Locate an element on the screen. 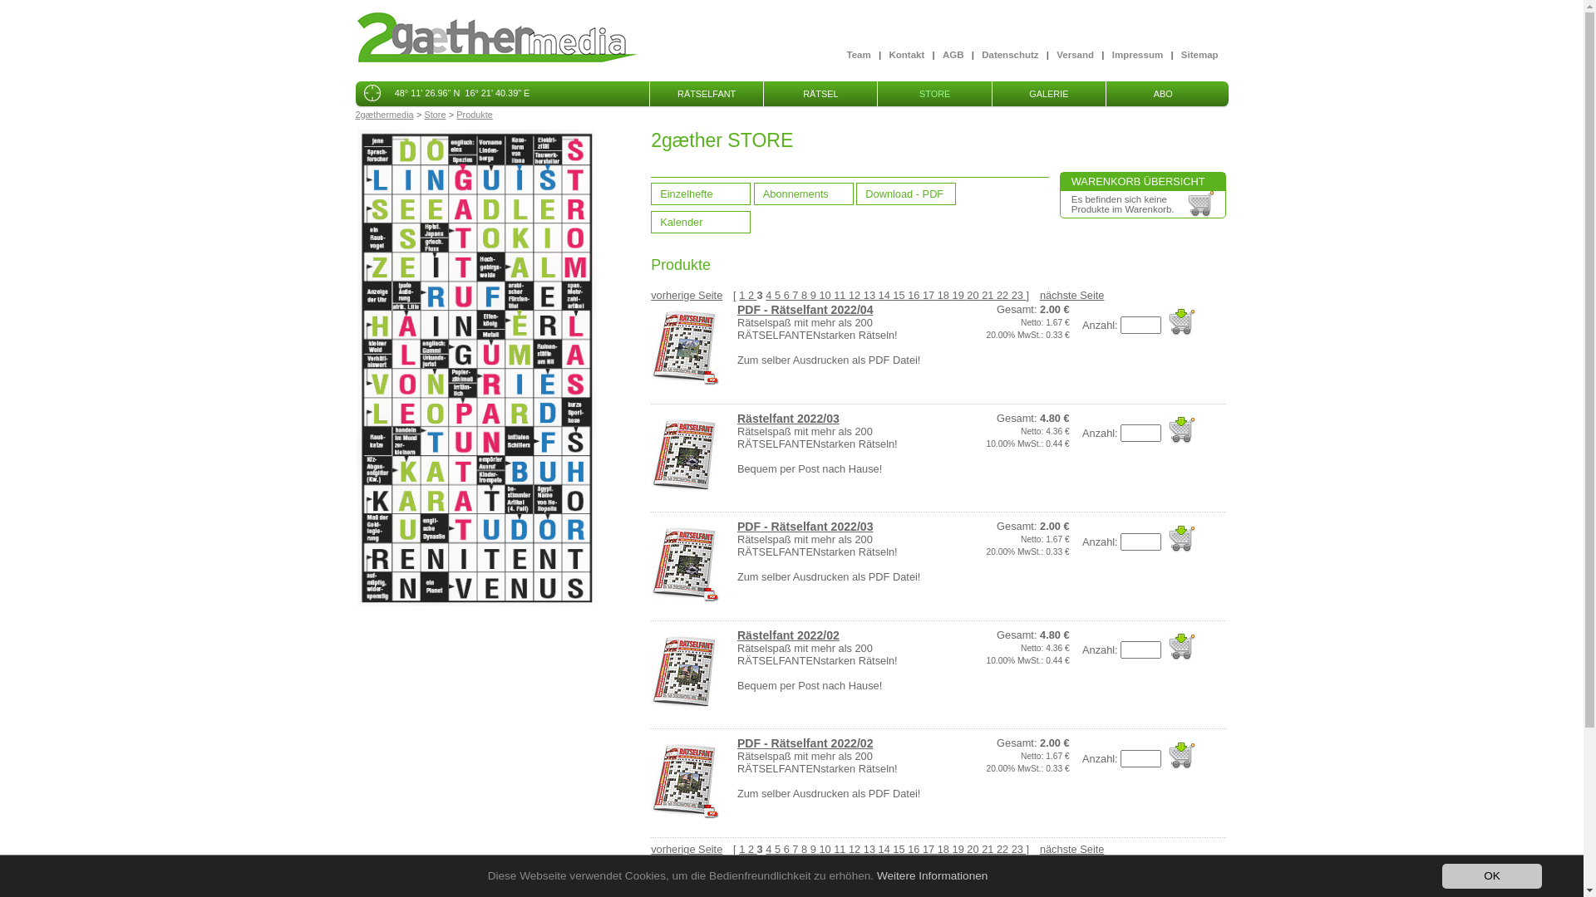 The width and height of the screenshot is (1596, 897). '22' is located at coordinates (1003, 294).